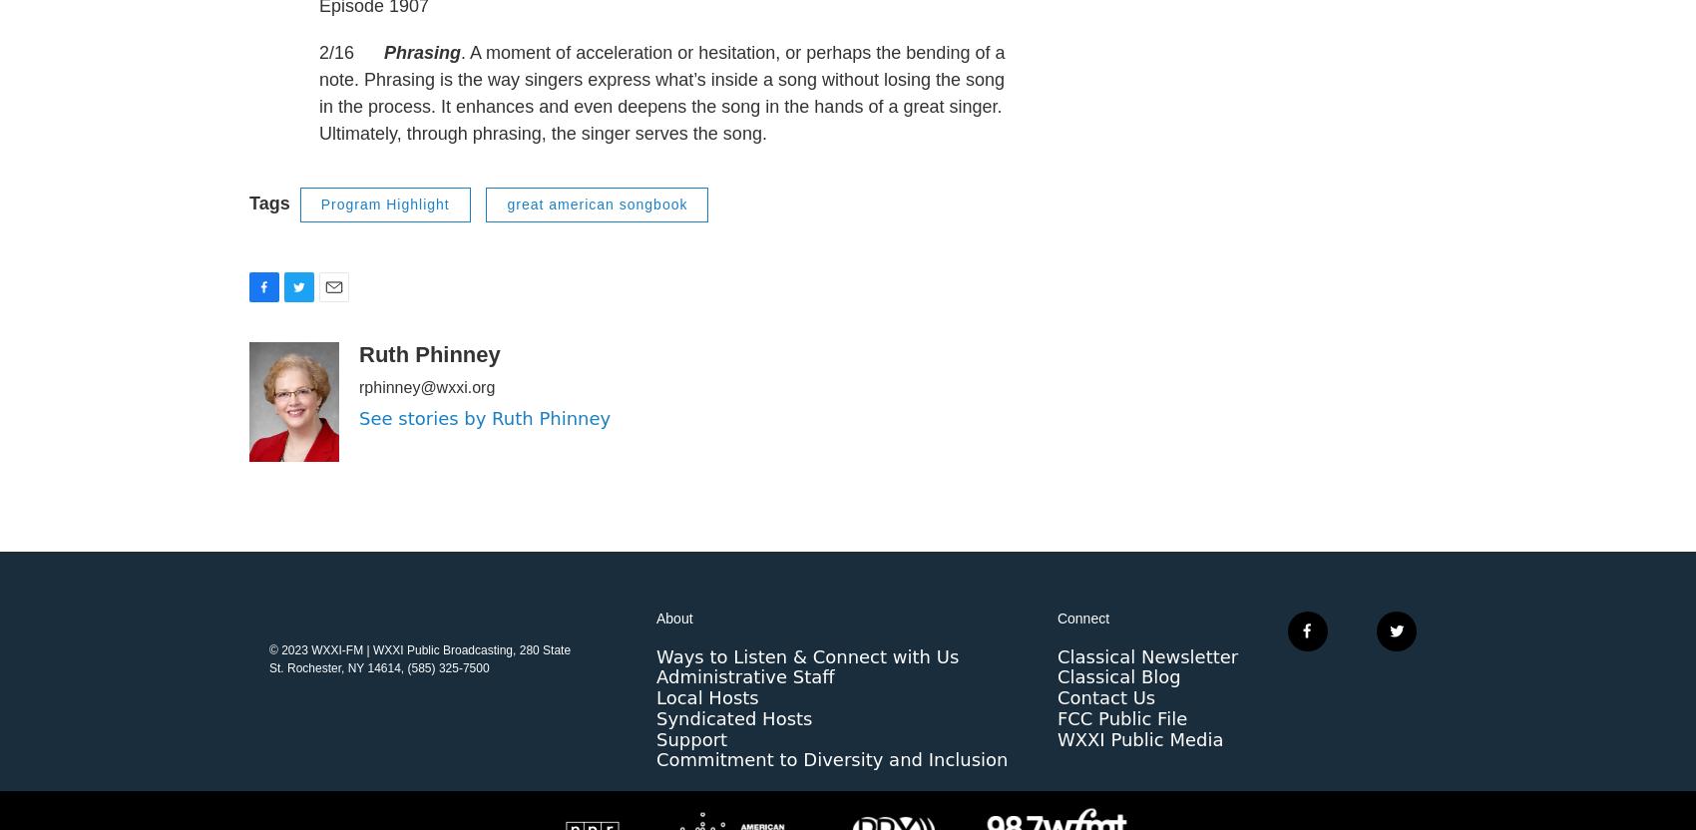 The height and width of the screenshot is (830, 1696). What do you see at coordinates (1055, 715) in the screenshot?
I see `'Classical Blog'` at bounding box center [1055, 715].